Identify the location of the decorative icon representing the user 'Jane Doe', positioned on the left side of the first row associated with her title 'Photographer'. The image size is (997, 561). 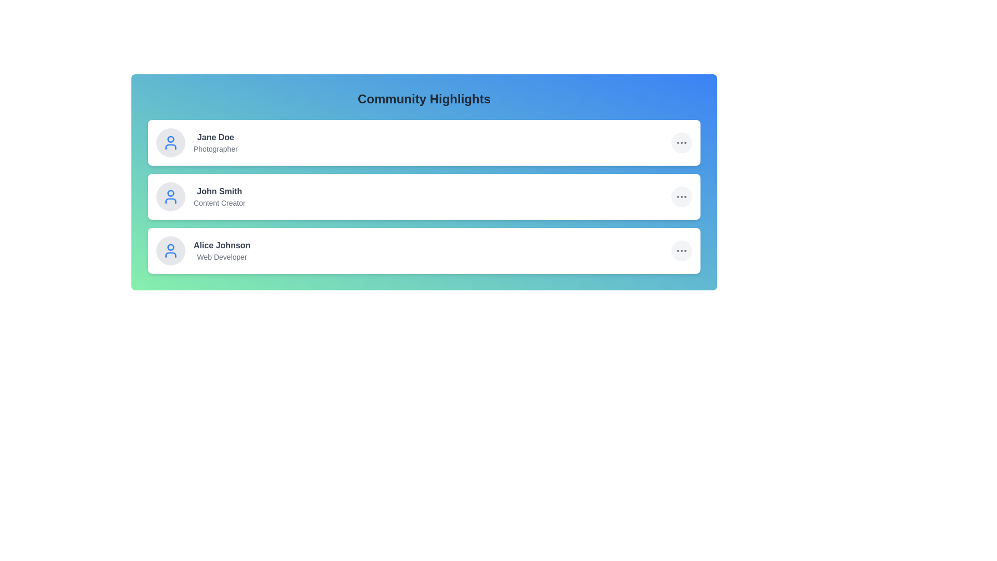
(171, 142).